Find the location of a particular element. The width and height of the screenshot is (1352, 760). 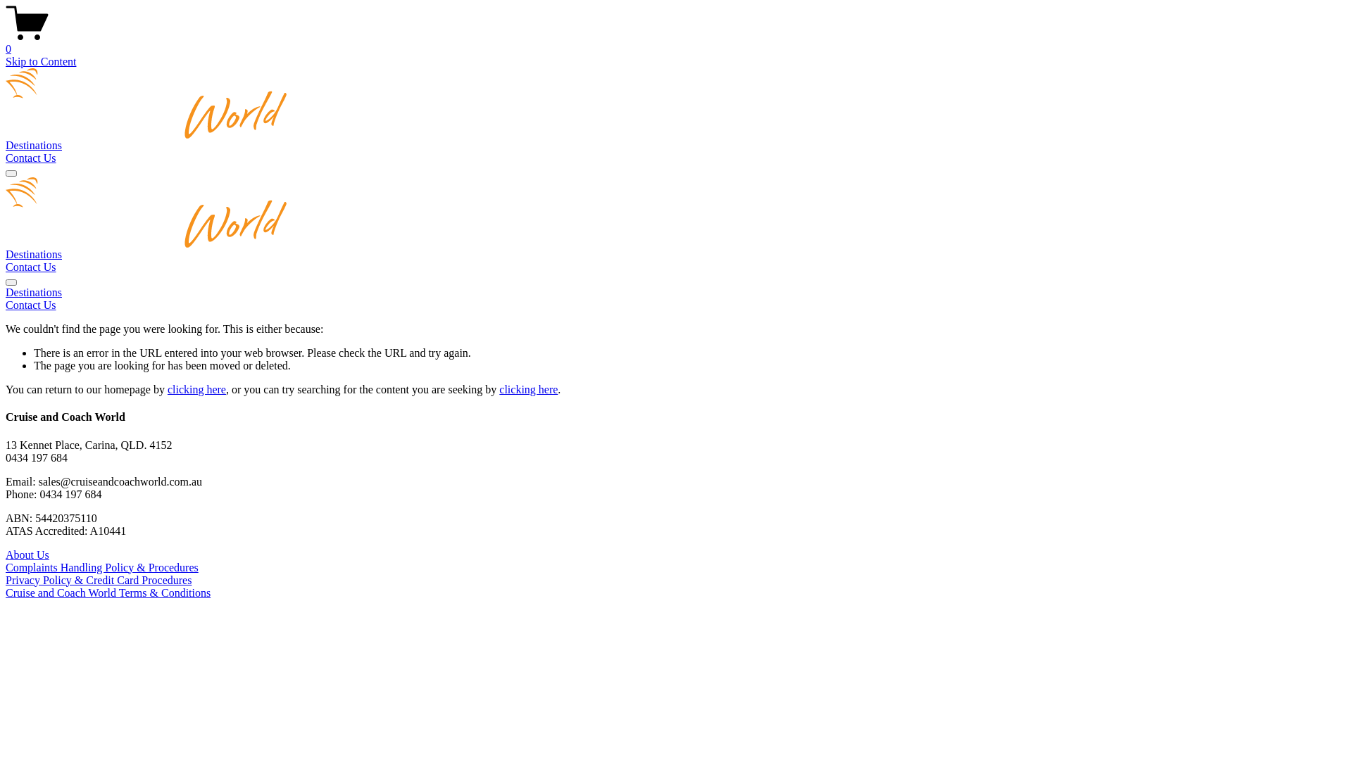

'Skip to Content' is located at coordinates (40, 61).